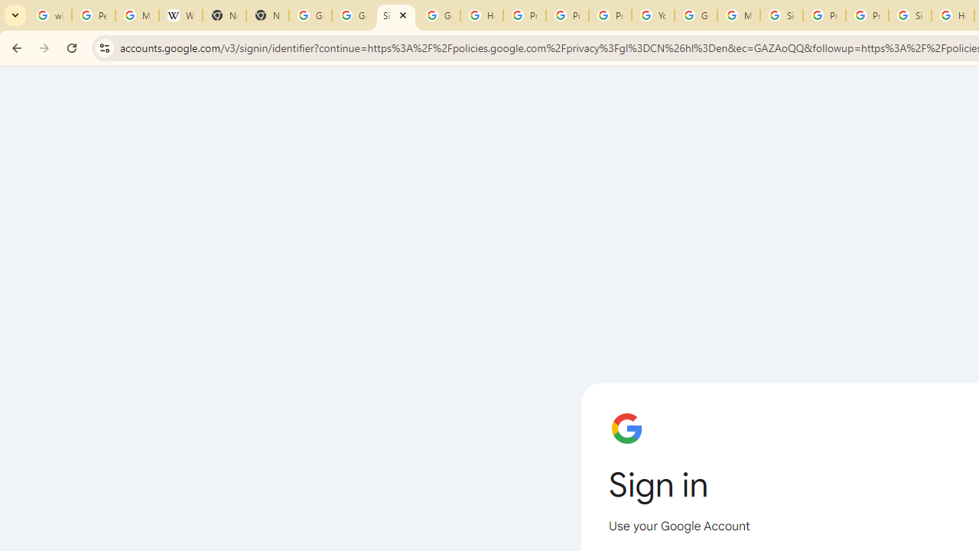 Image resolution: width=979 pixels, height=551 pixels. Describe the element at coordinates (353, 15) in the screenshot. I see `'Google Drive: Sign-in'` at that location.